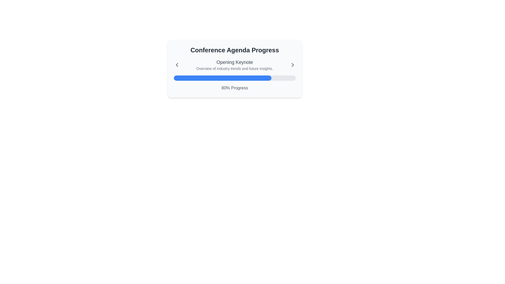 This screenshot has height=284, width=505. What do you see at coordinates (177, 64) in the screenshot?
I see `the left-pointing chevron icon, which is dark gray and located to the left of the 'Opening Keynote' text block` at bounding box center [177, 64].